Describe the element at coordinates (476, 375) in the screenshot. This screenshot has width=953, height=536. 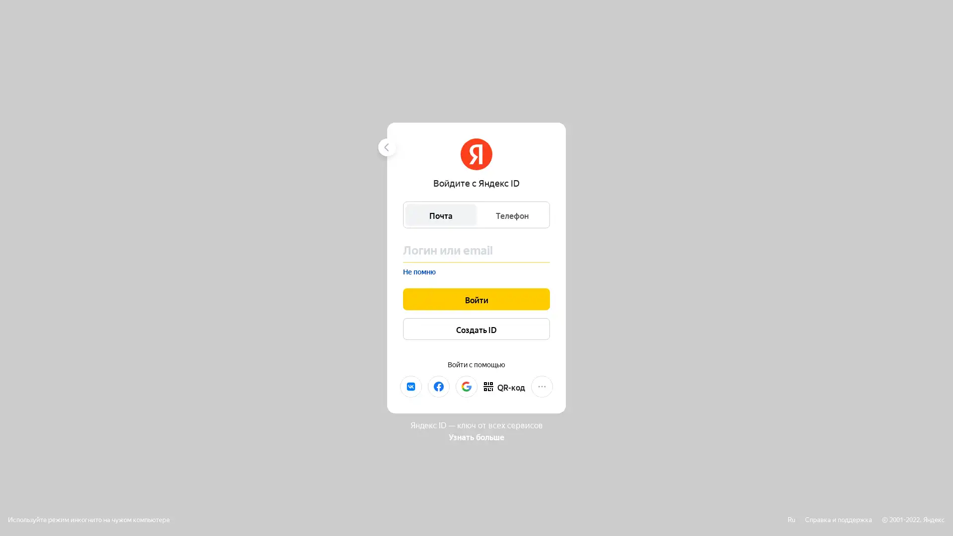
I see `Mail.ru` at that location.